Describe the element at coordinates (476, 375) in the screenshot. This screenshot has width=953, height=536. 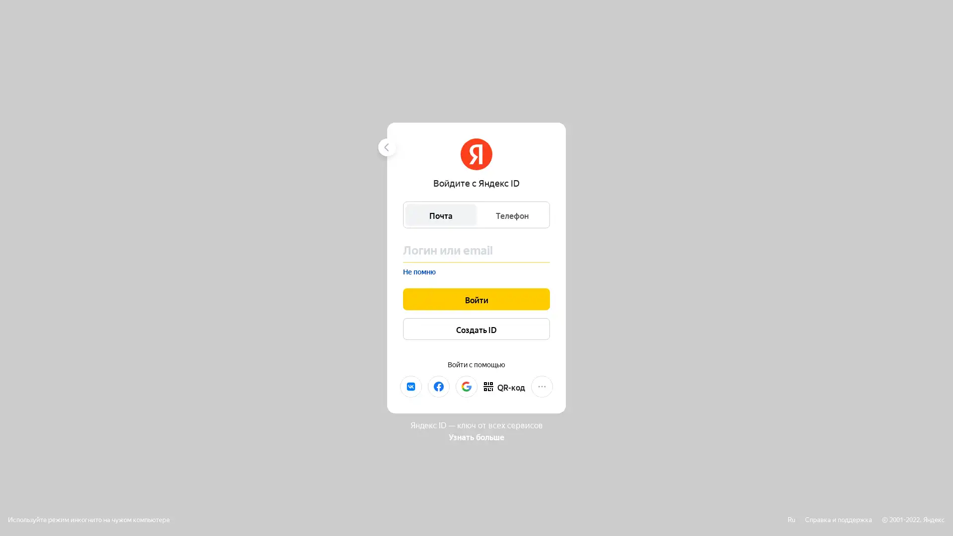
I see `Mail.ru` at that location.